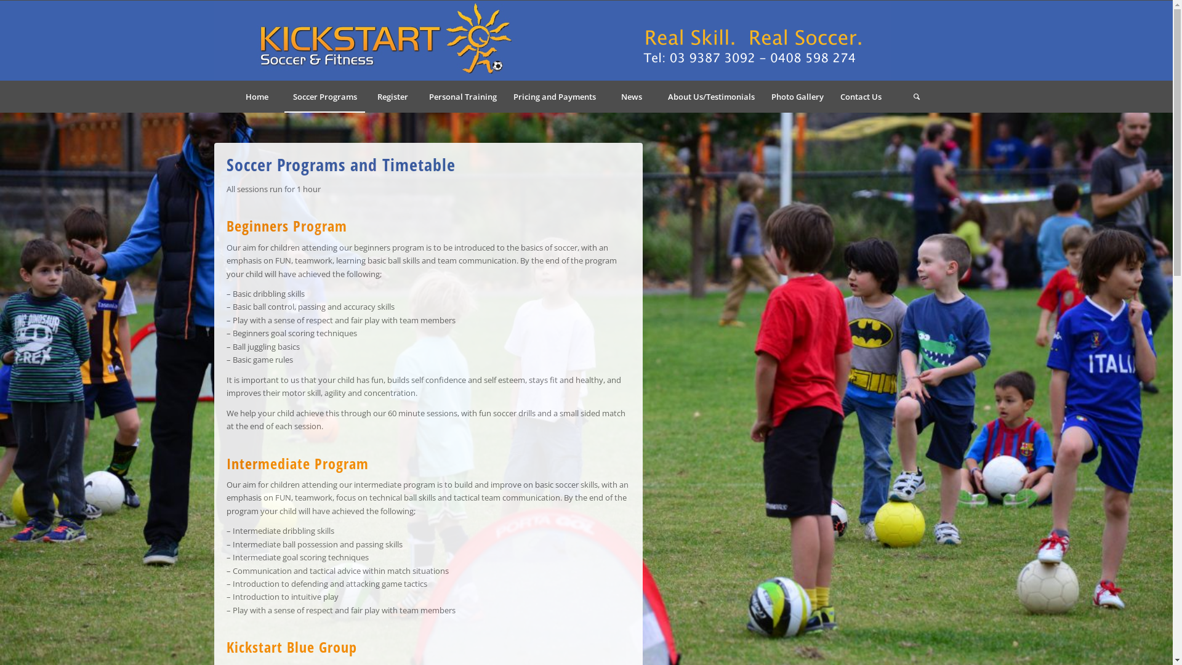 This screenshot has width=1182, height=665. I want to click on 'Soccer Programs', so click(324, 96).